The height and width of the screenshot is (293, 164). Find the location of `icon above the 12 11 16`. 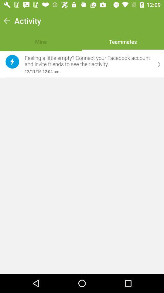

icon above the 12 11 16 is located at coordinates (88, 61).